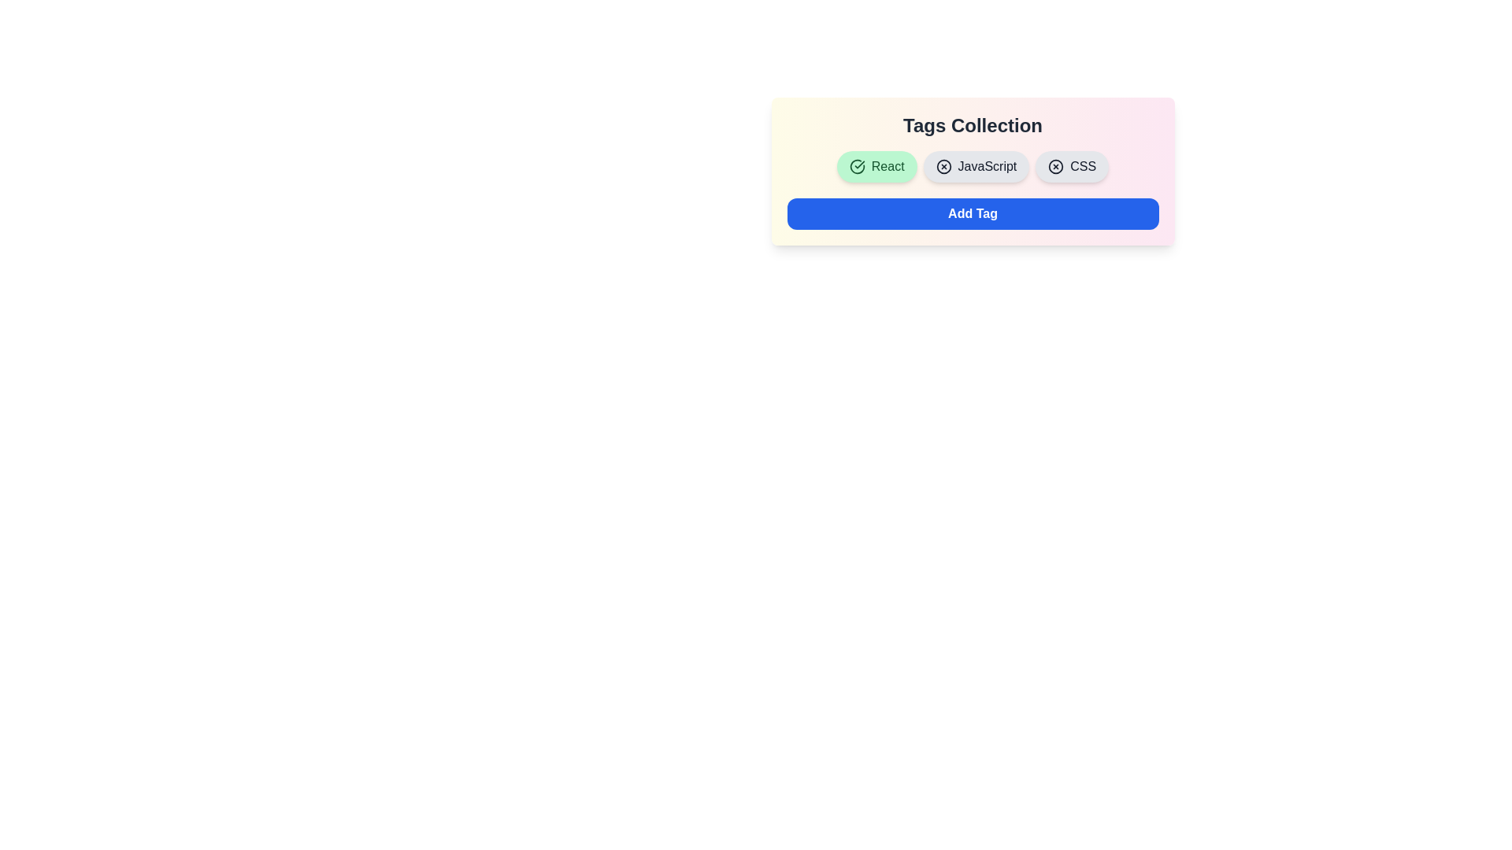 The width and height of the screenshot is (1512, 850). I want to click on the 'Add Tag' button to add a new tag to the collection, so click(972, 214).